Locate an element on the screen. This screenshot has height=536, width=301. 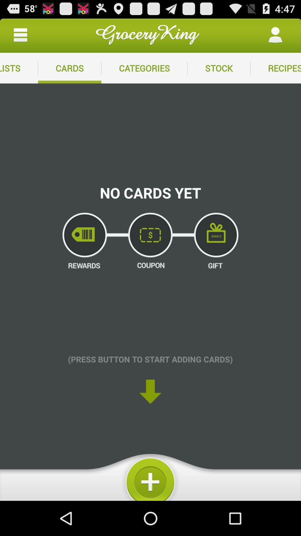
the app to the left of recipes is located at coordinates (219, 68).